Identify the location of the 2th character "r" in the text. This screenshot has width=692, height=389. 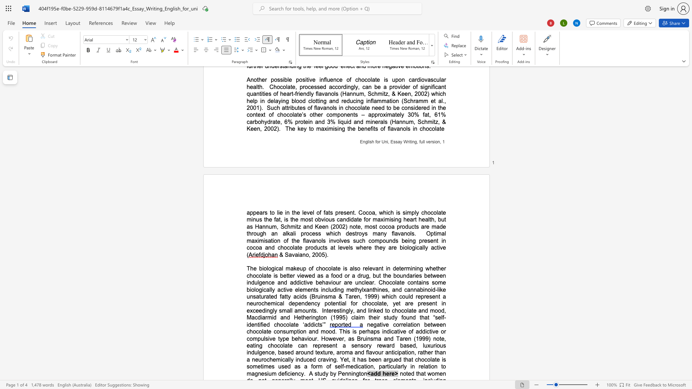
(356, 303).